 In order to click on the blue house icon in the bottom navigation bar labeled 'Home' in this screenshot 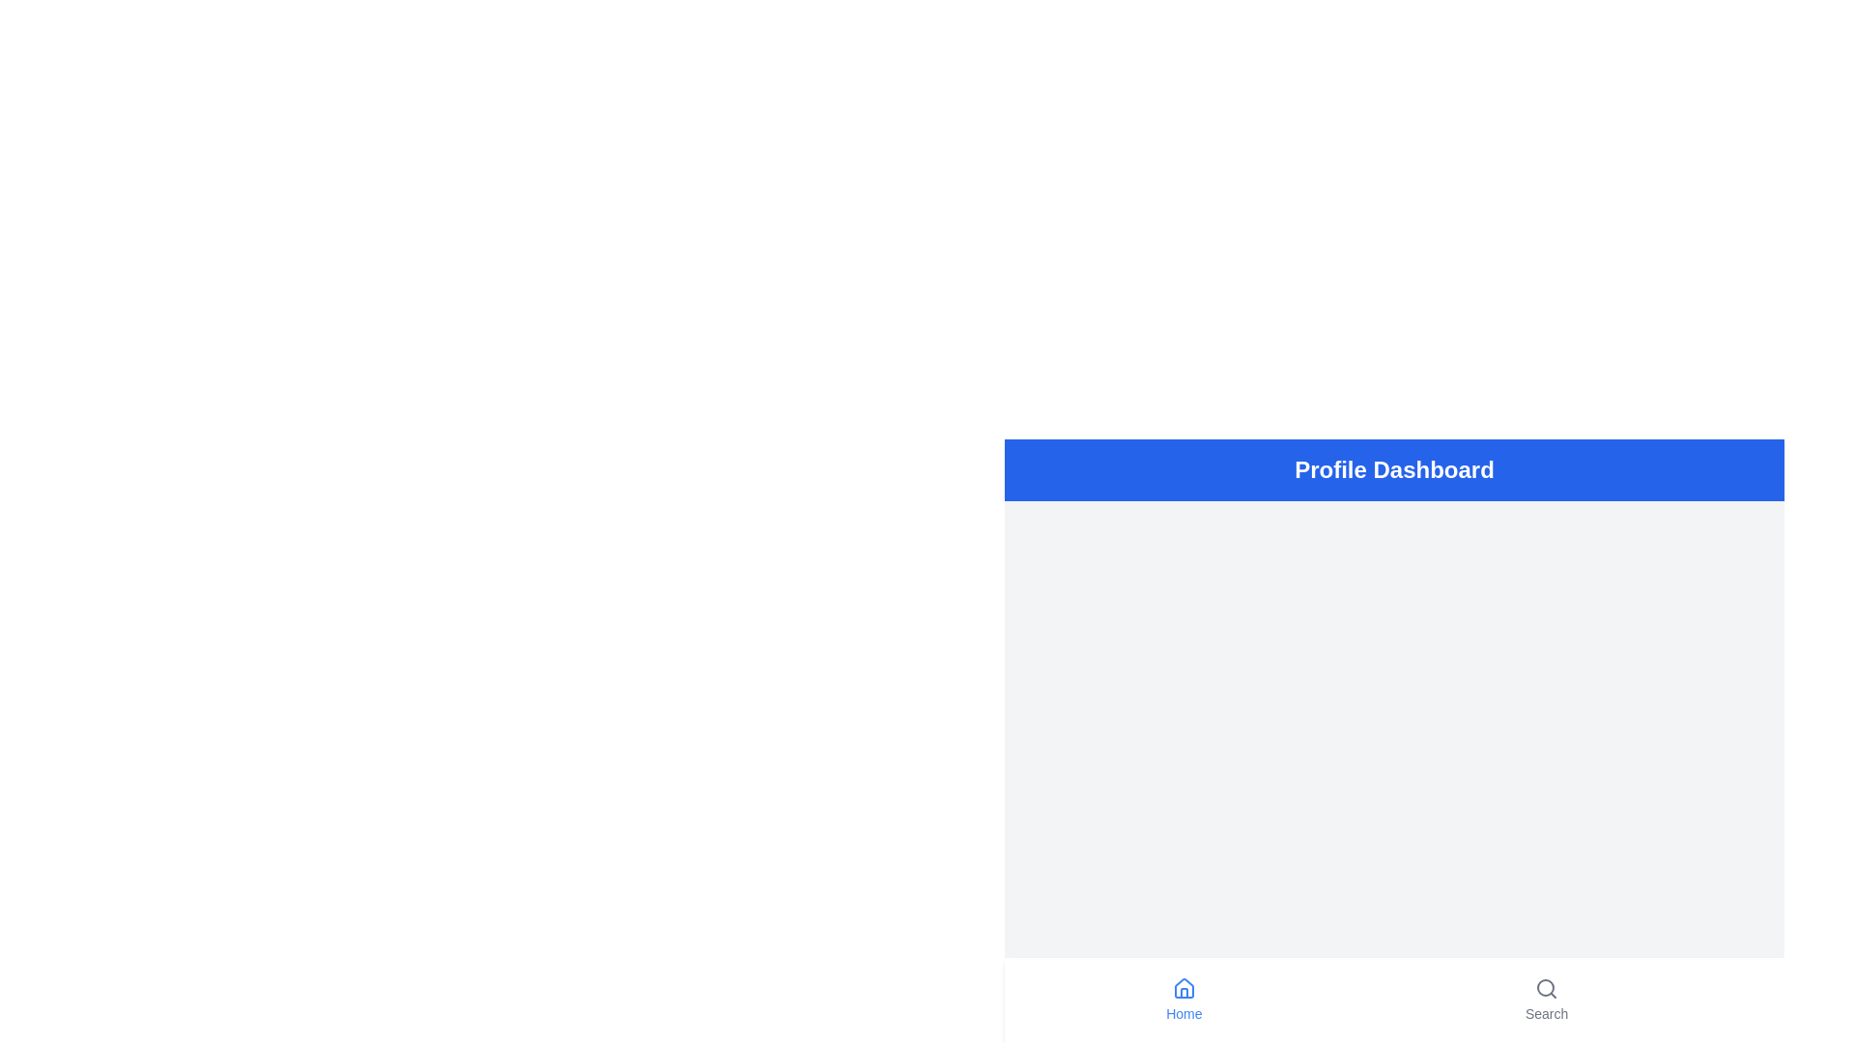, I will do `click(1183, 988)`.